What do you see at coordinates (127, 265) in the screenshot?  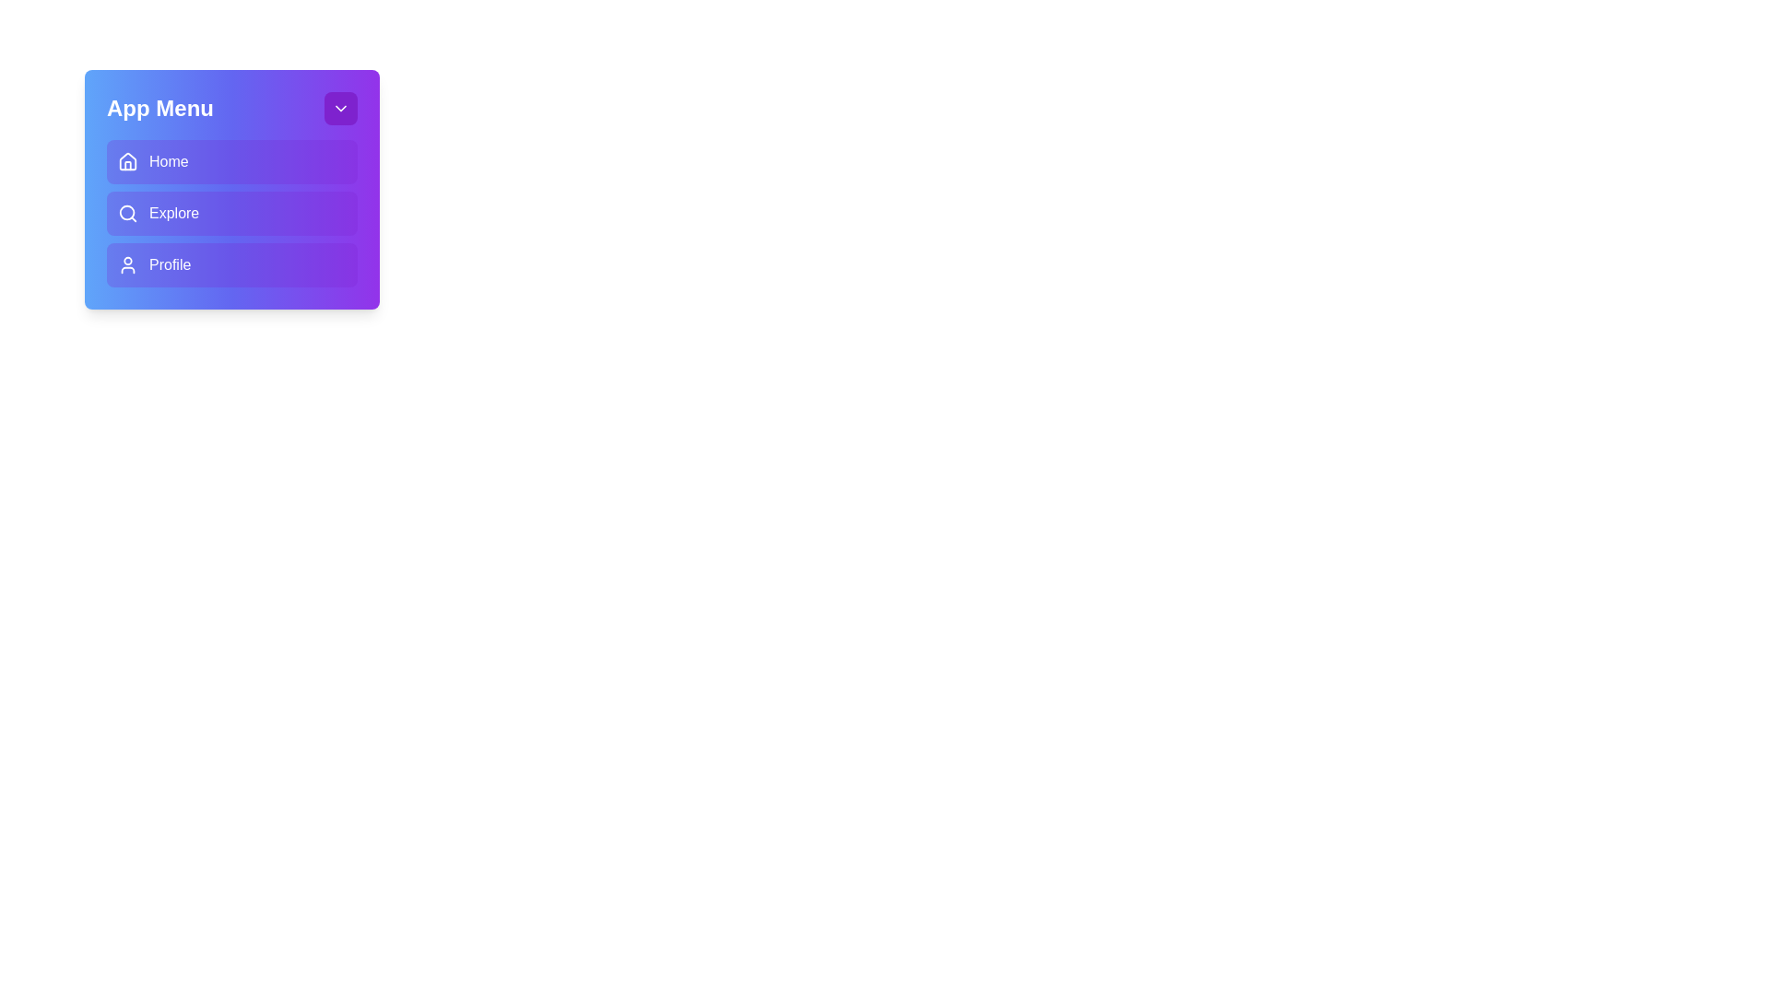 I see `the 'Profile' icon in the vertical menu array located at the top-left corner of the interface` at bounding box center [127, 265].